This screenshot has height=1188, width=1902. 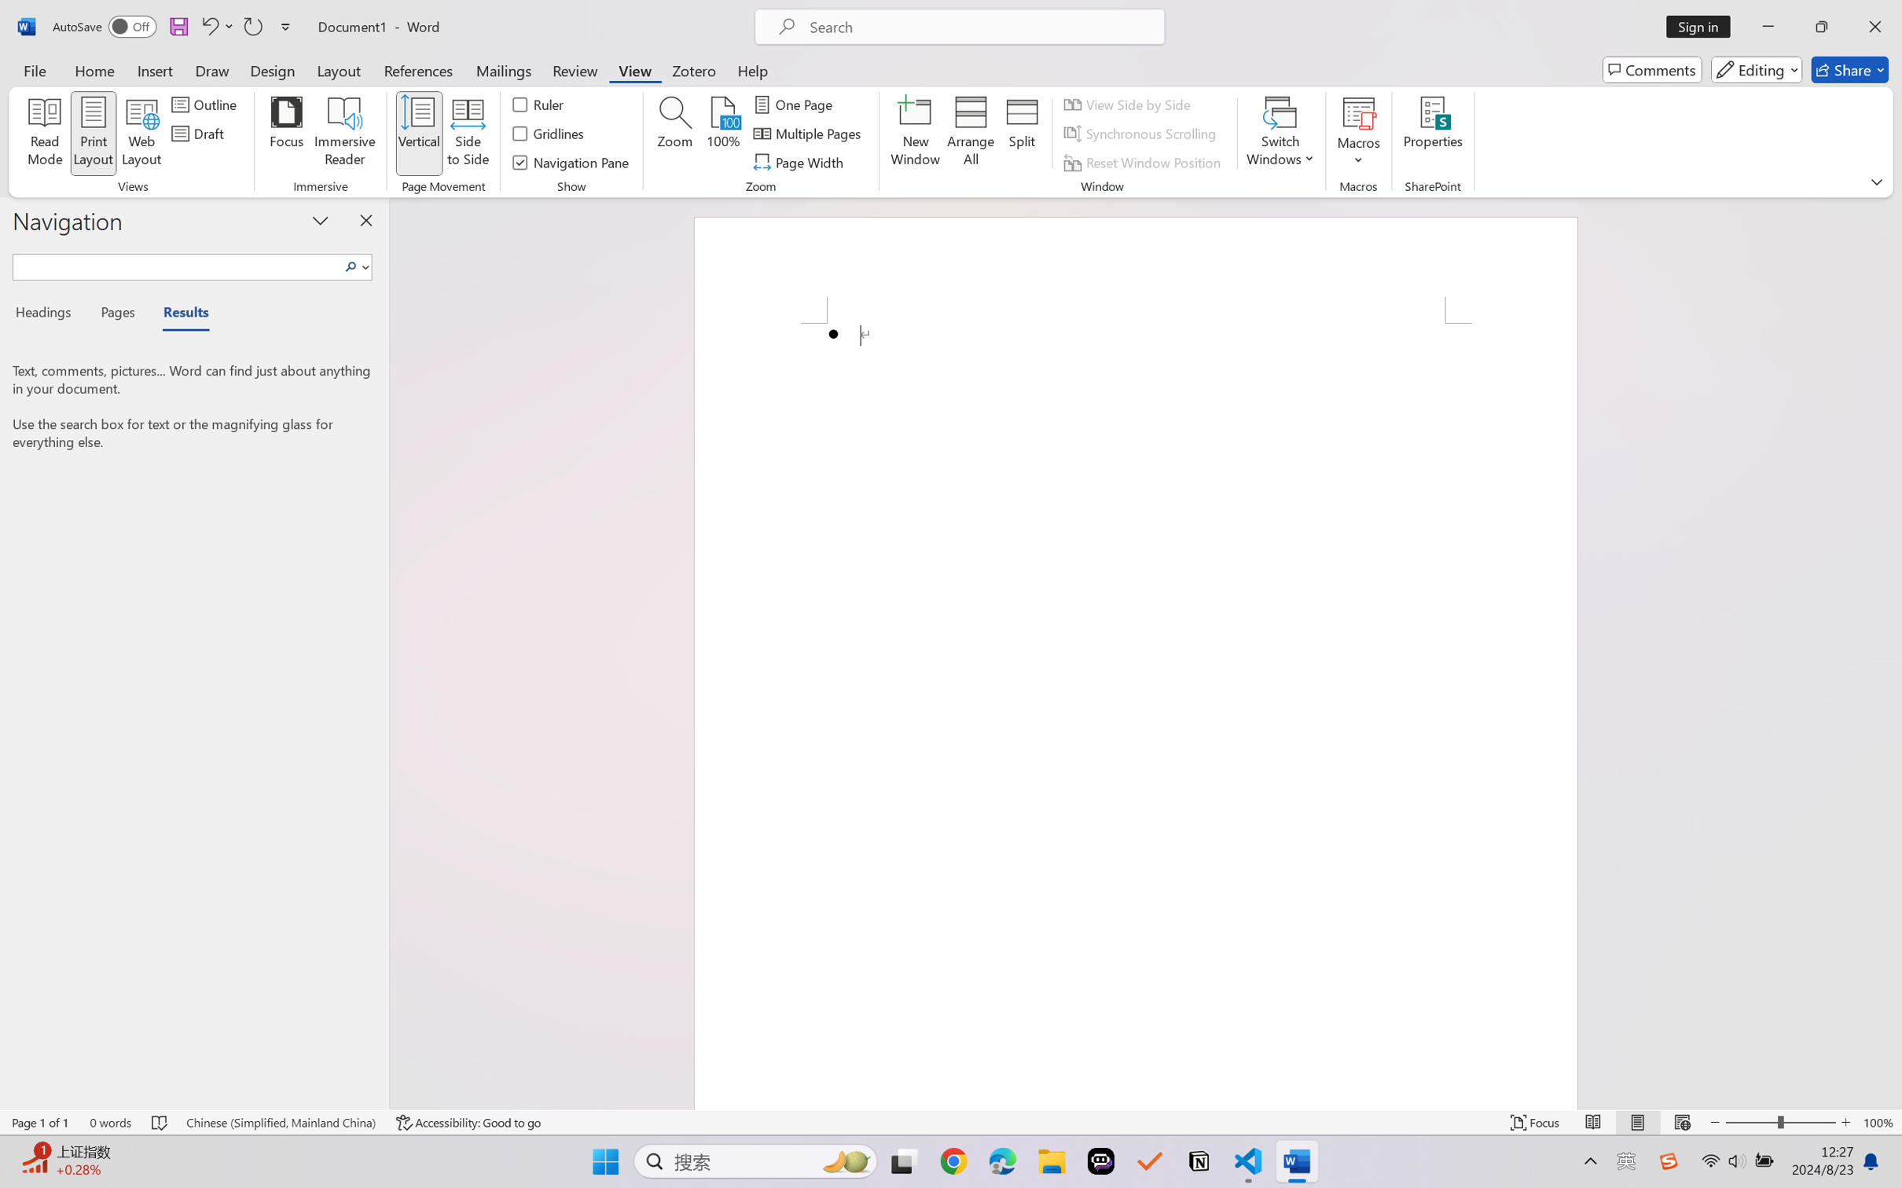 I want to click on 'View Side by Side', so click(x=1129, y=103).